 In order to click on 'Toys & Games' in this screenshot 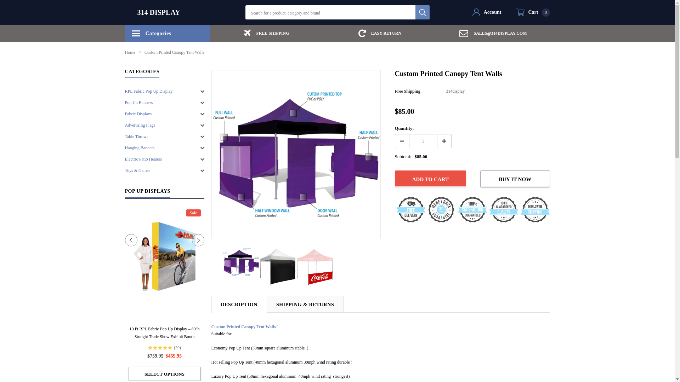, I will do `click(137, 170)`.